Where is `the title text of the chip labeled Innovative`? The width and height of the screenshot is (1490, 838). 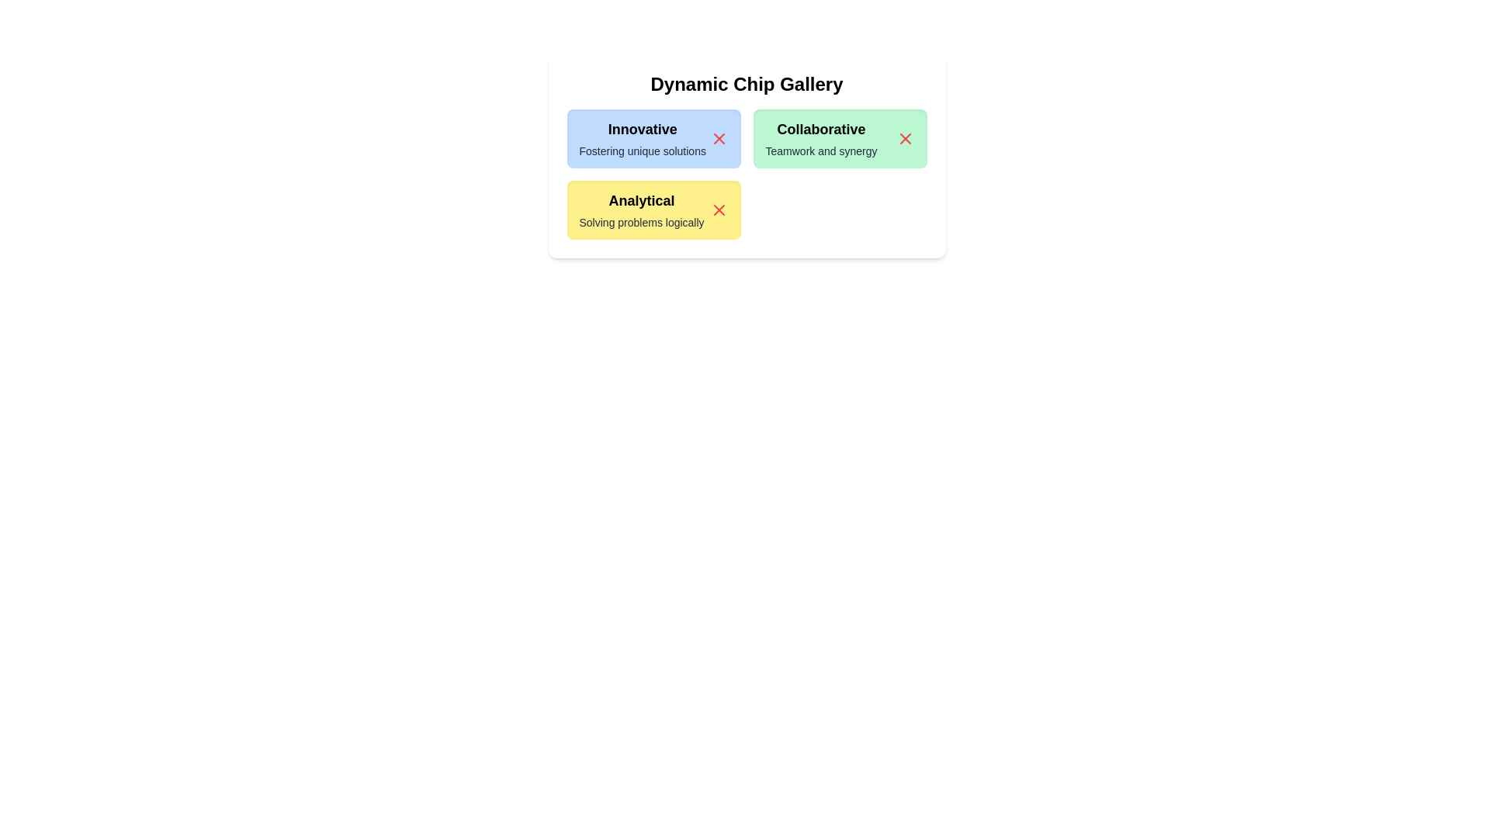
the title text of the chip labeled Innovative is located at coordinates (643, 128).